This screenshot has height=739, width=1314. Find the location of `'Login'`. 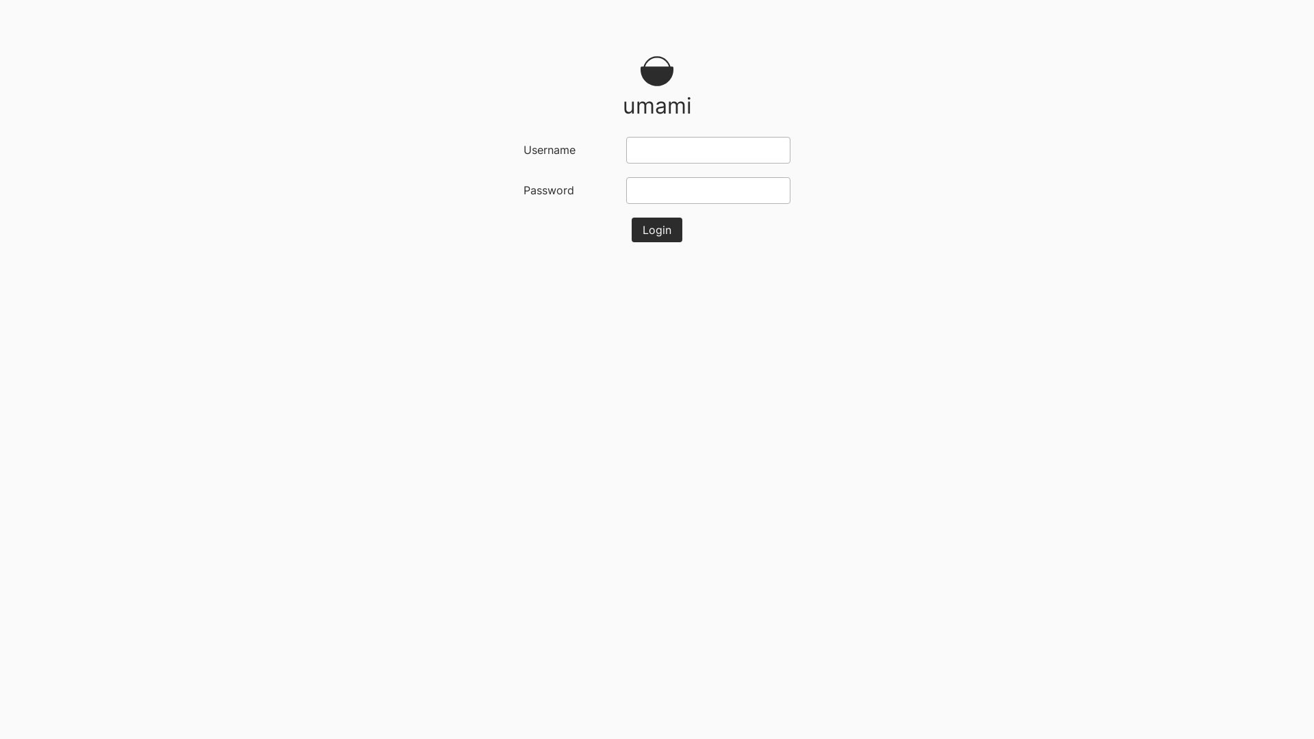

'Login' is located at coordinates (657, 229).